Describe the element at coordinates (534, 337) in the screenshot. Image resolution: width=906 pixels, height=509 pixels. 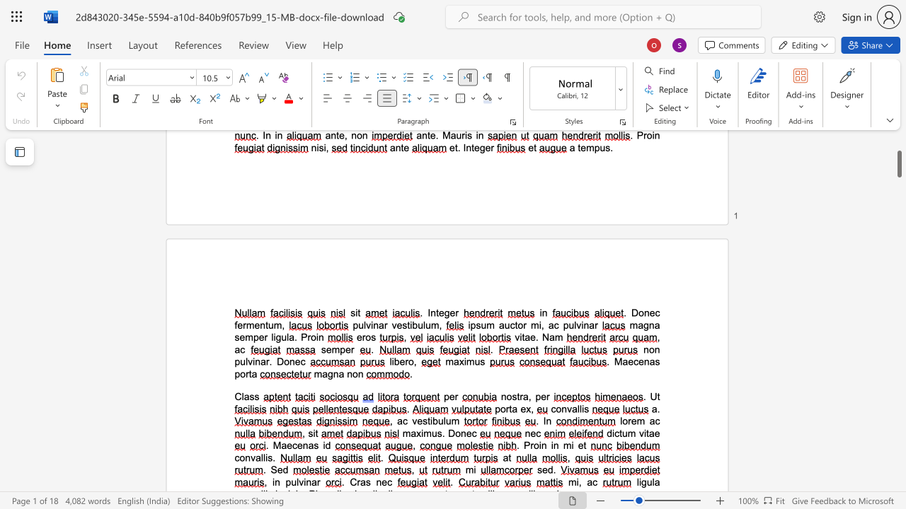
I see `the space between the continuous character "e" and "." in the text` at that location.